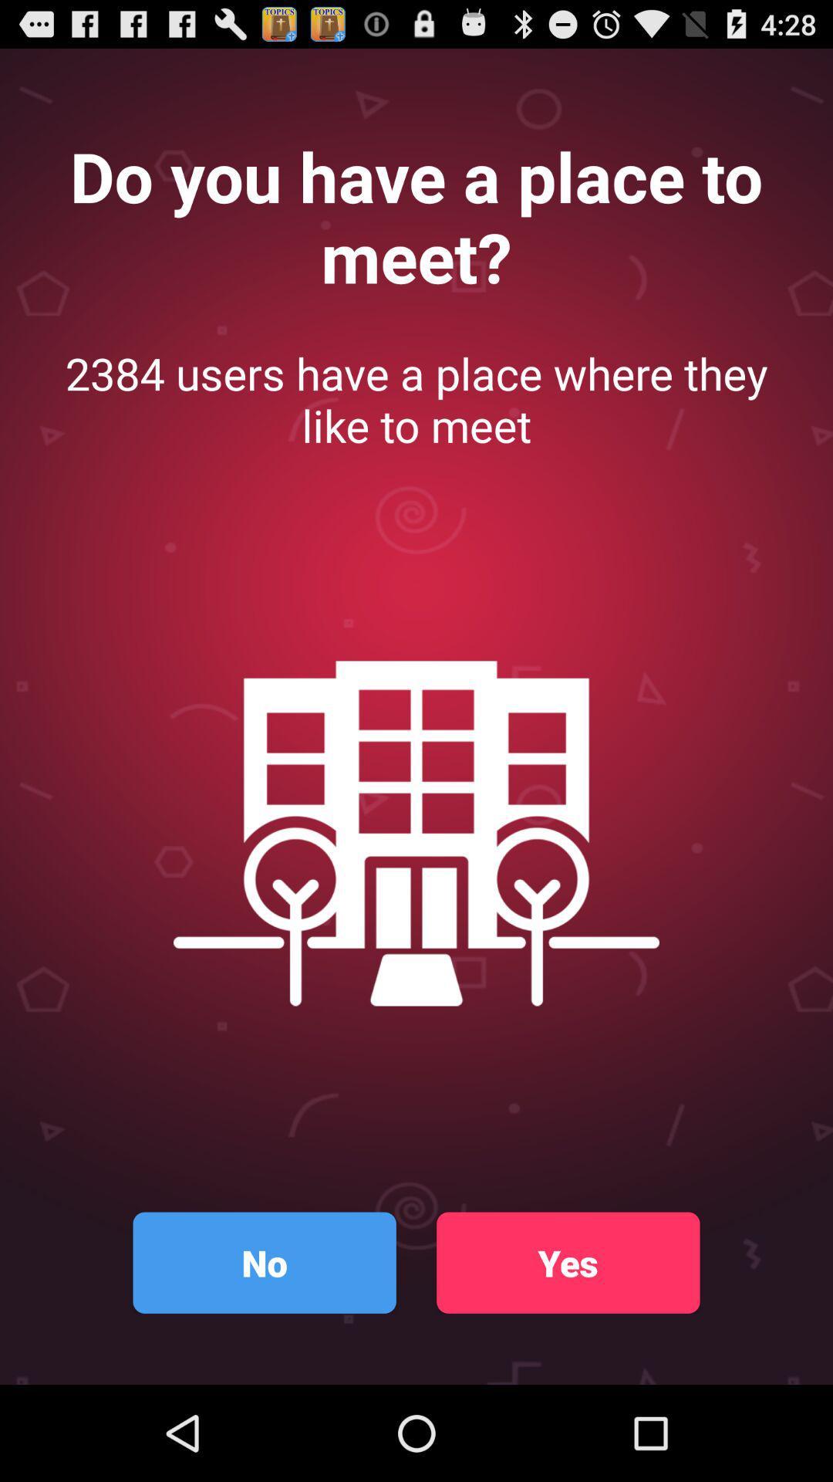 This screenshot has width=833, height=1482. What do you see at coordinates (568, 1263) in the screenshot?
I see `button next to the no` at bounding box center [568, 1263].